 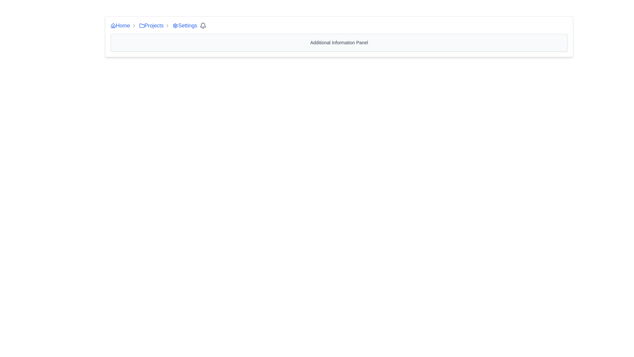 What do you see at coordinates (113, 25) in the screenshot?
I see `the house-shaped icon representing the 'Home' navigation function, located at the top left corner of the interface, adjacent to the text 'Home'` at bounding box center [113, 25].